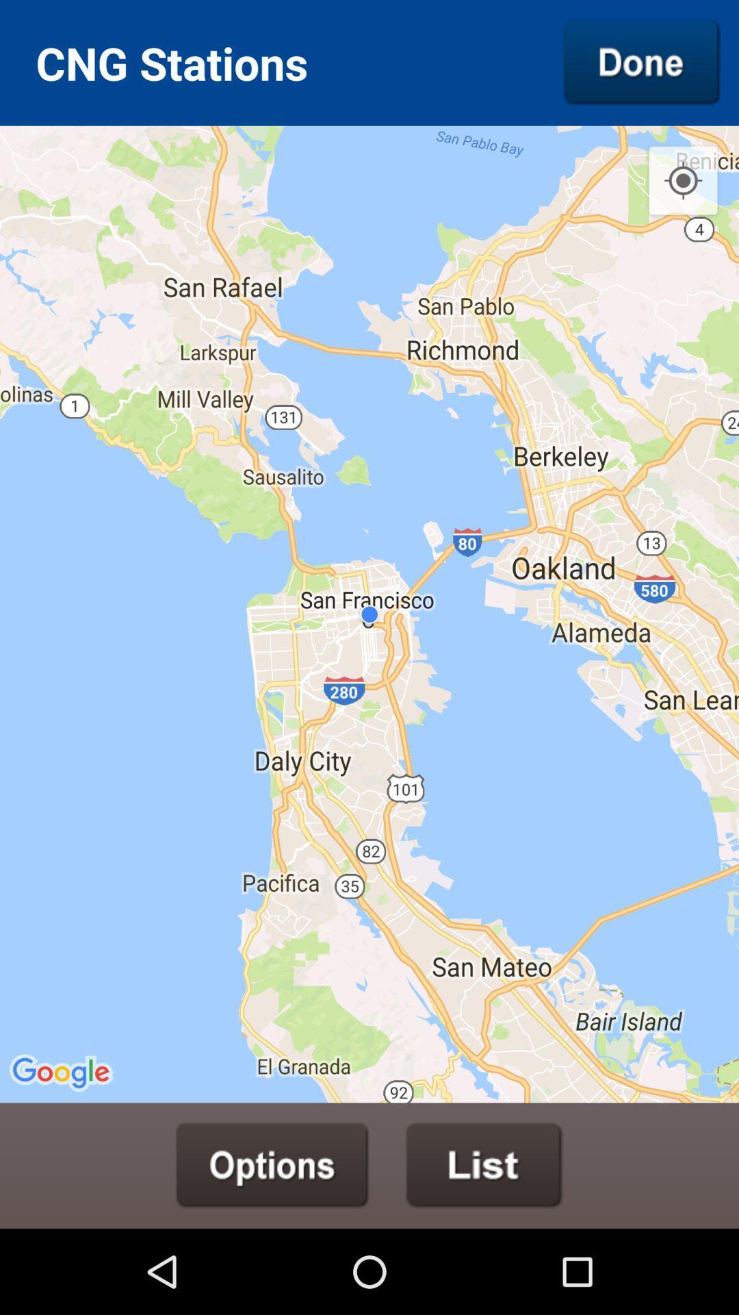 This screenshot has width=739, height=1315. Describe the element at coordinates (642, 62) in the screenshot. I see `icon to the right of the cng stations icon` at that location.